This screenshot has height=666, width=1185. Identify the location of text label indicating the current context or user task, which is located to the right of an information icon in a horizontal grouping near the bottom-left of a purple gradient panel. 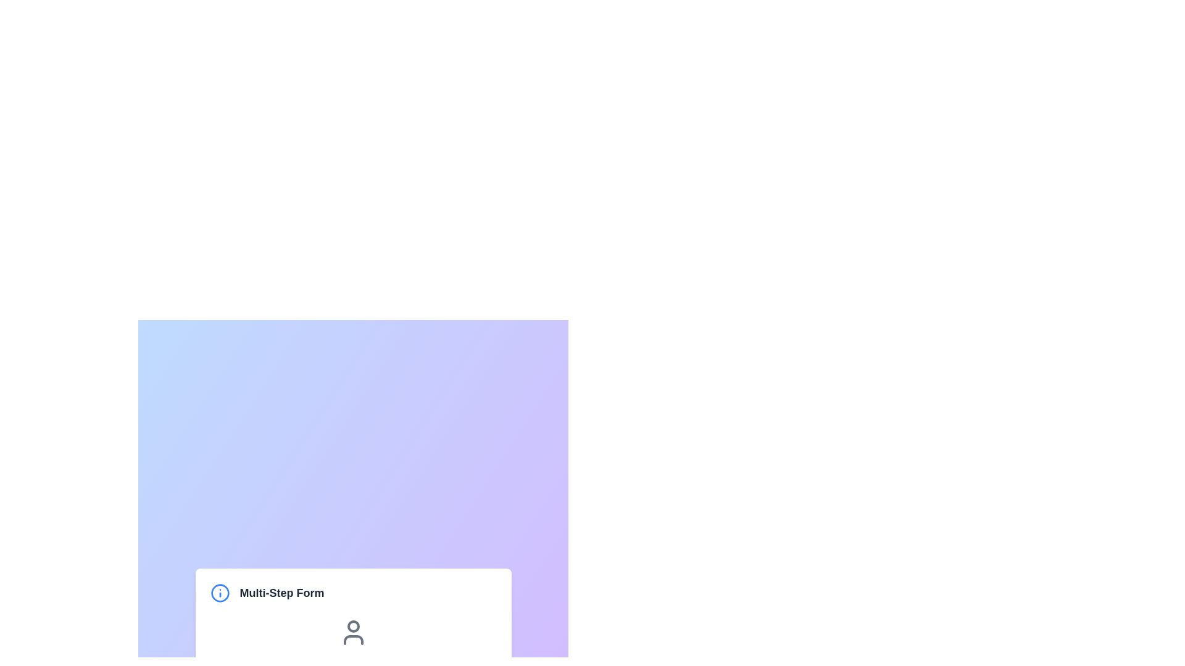
(281, 592).